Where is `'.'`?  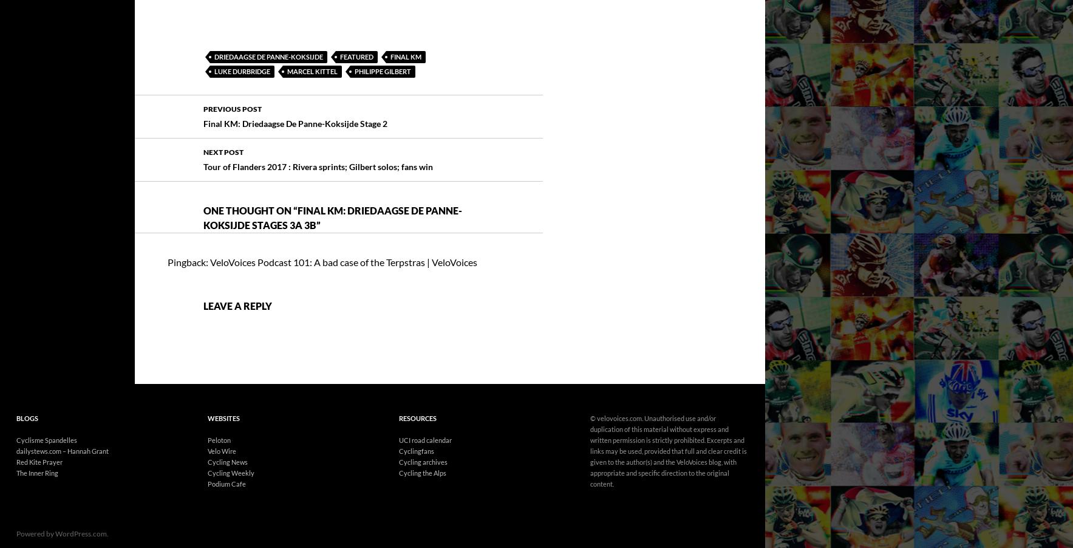 '.' is located at coordinates (107, 499).